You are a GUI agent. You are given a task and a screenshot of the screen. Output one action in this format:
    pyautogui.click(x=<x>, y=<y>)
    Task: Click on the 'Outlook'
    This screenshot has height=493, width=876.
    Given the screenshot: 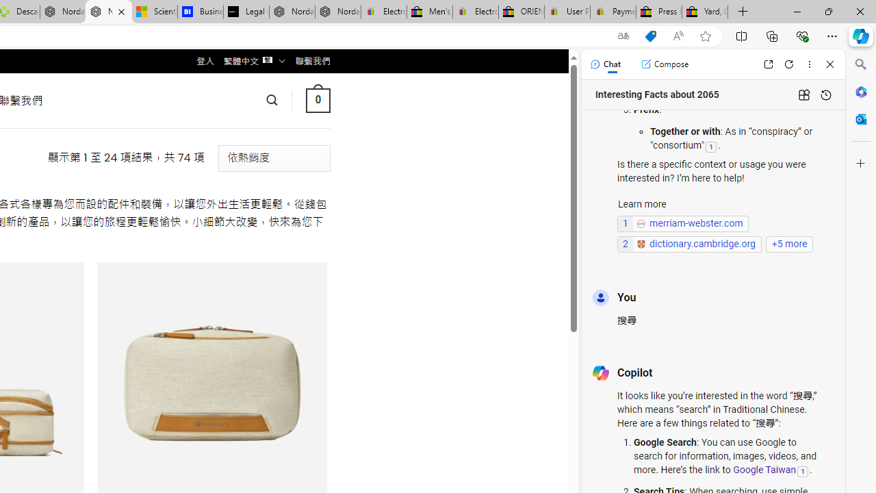 What is the action you would take?
    pyautogui.click(x=860, y=118)
    